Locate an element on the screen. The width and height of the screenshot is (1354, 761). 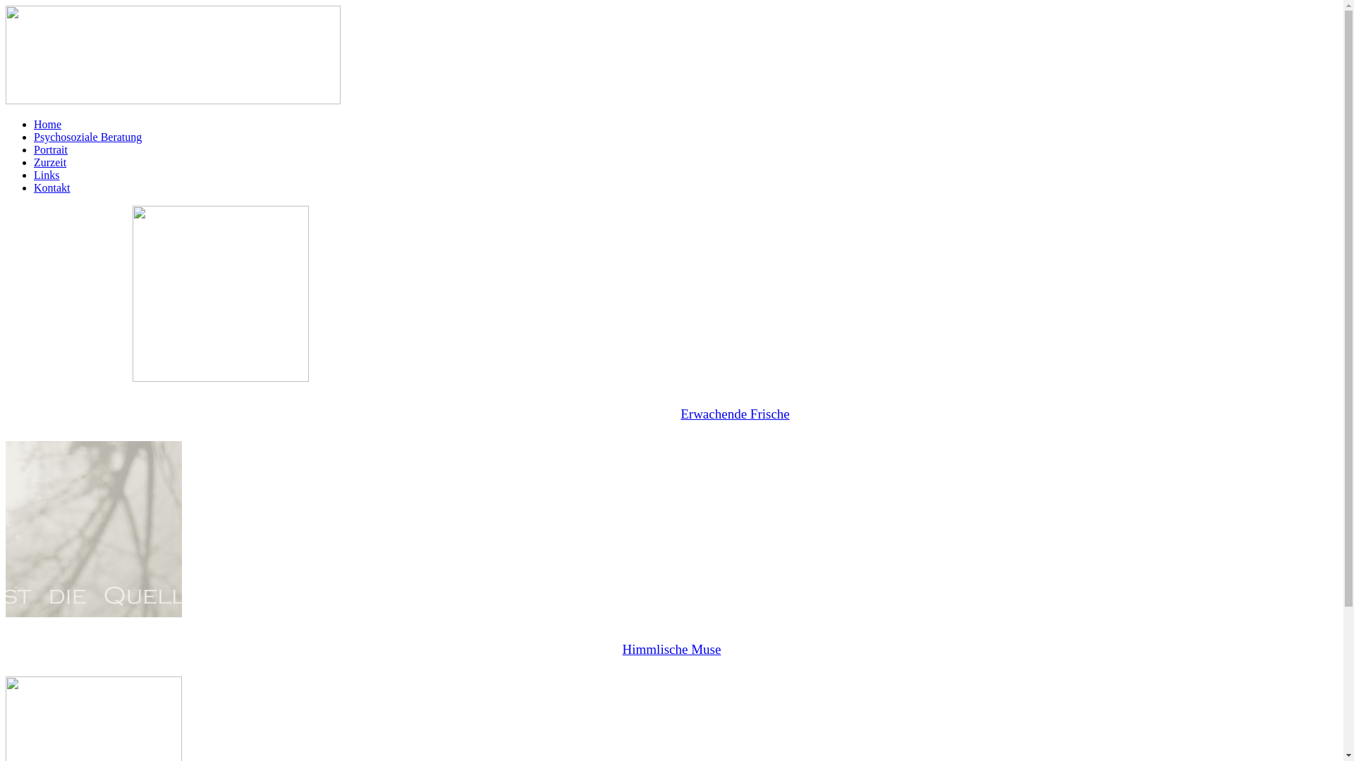
'Psychosoziale Beratung' is located at coordinates (87, 137).